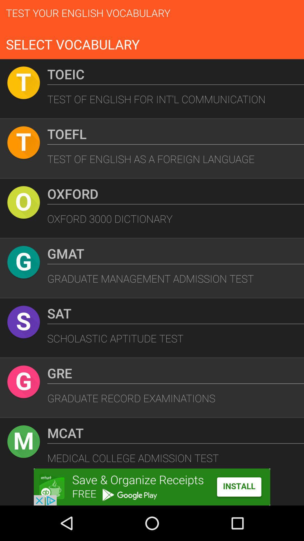 The image size is (304, 541). Describe the element at coordinates (152, 487) in the screenshot. I see `advertisement banner` at that location.